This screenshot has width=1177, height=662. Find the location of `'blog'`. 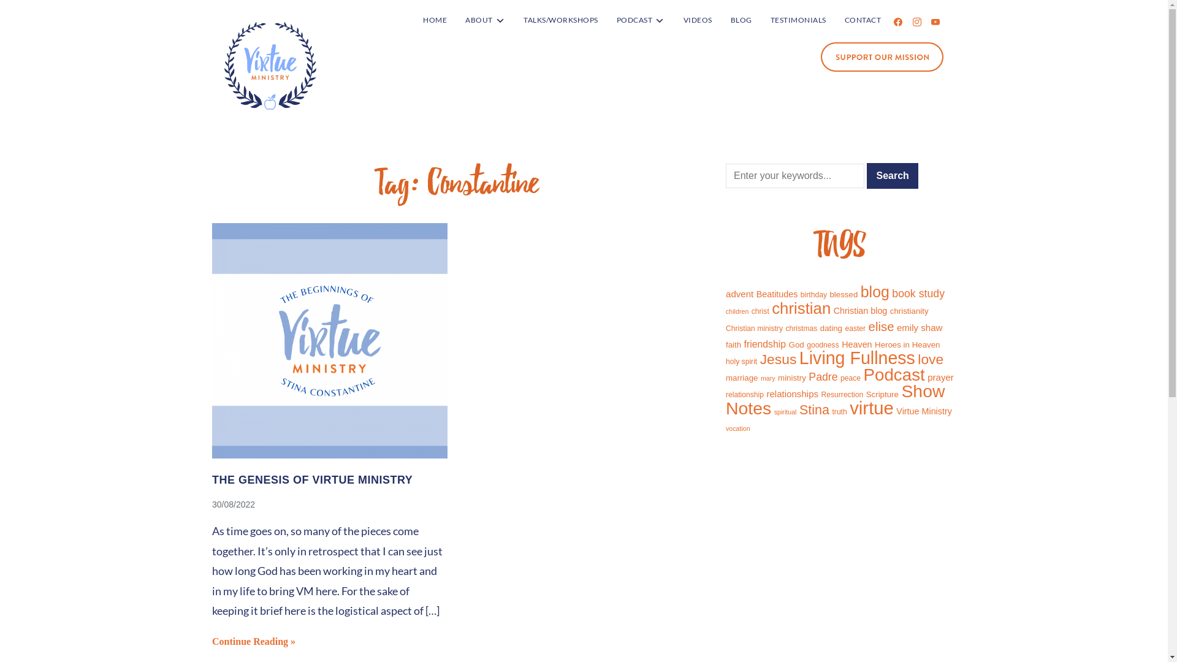

'blog' is located at coordinates (874, 291).